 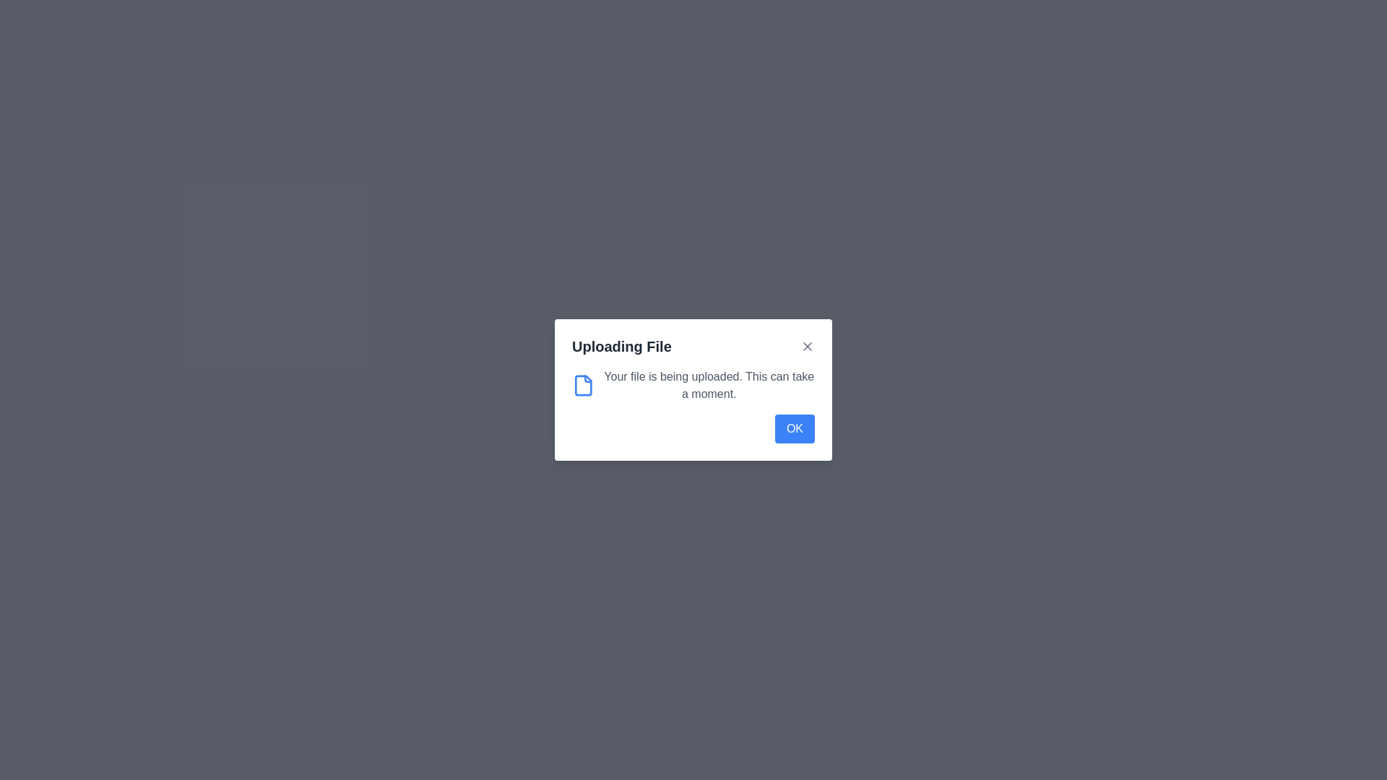 I want to click on text label that displays the message 'Your file is being uploaded. This can take a moment.' located in the lower part of the dialogue box under the header 'Uploading File', so click(x=709, y=384).